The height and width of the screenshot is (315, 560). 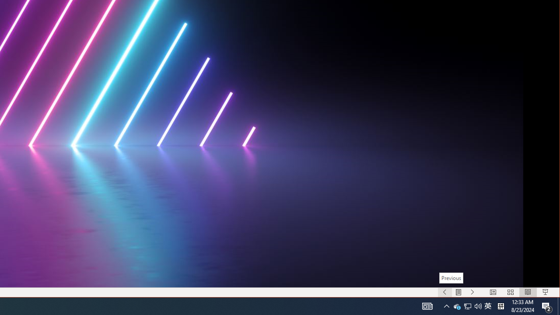 What do you see at coordinates (472, 292) in the screenshot?
I see `'Slide Show Next On'` at bounding box center [472, 292].